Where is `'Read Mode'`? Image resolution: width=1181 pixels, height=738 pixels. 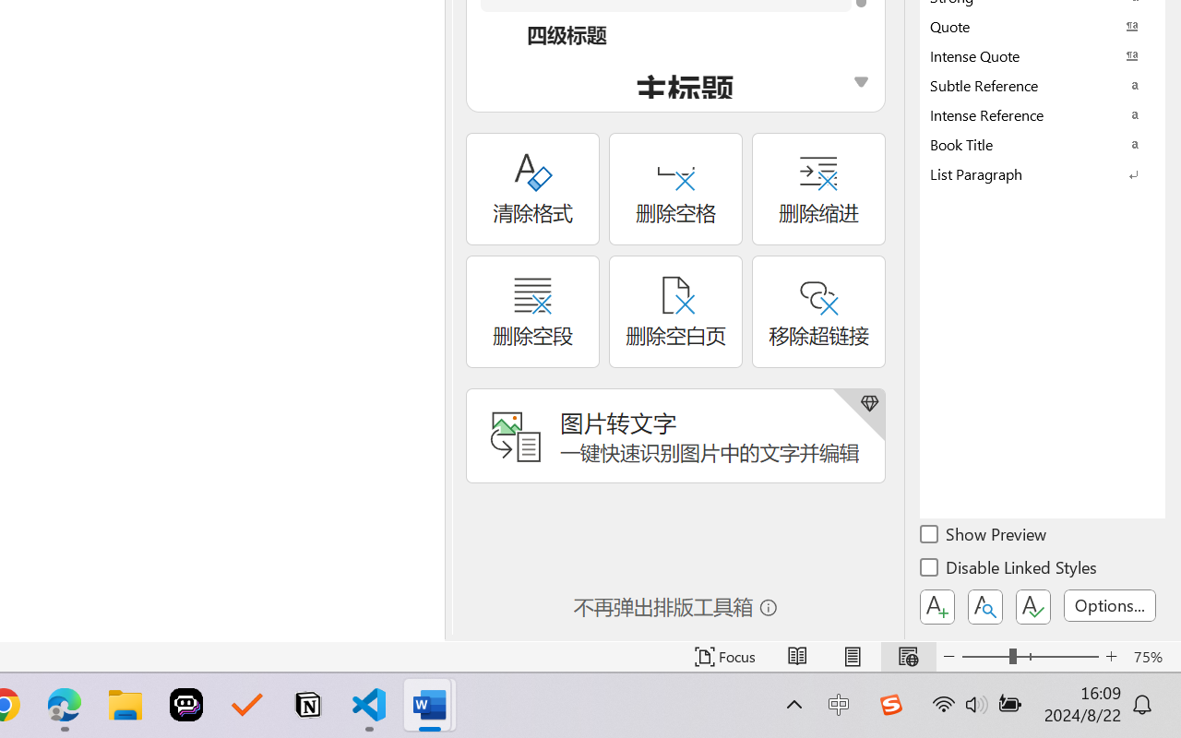 'Read Mode' is located at coordinates (797, 656).